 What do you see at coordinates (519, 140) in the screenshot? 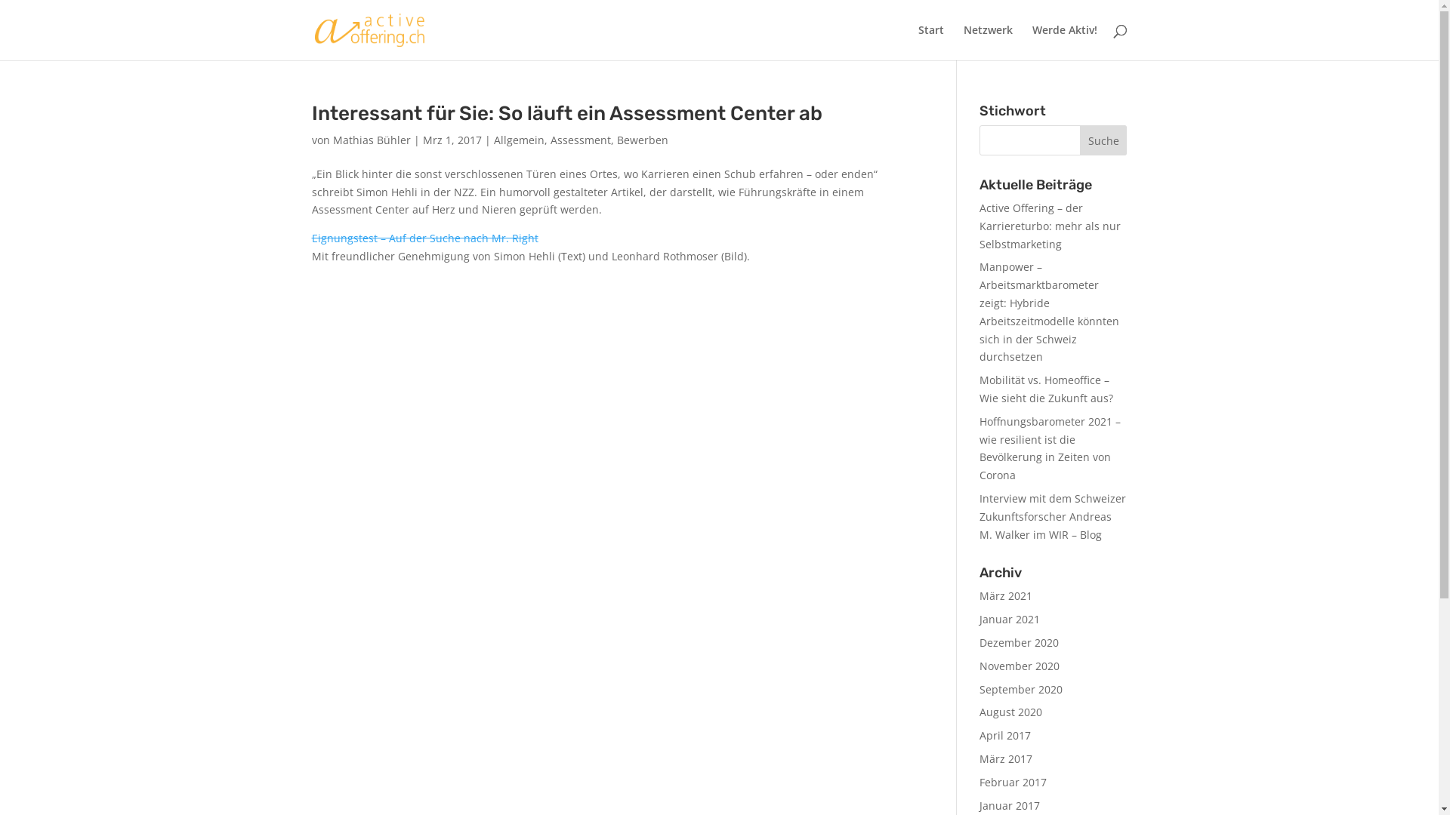
I see `'Allgemein'` at bounding box center [519, 140].